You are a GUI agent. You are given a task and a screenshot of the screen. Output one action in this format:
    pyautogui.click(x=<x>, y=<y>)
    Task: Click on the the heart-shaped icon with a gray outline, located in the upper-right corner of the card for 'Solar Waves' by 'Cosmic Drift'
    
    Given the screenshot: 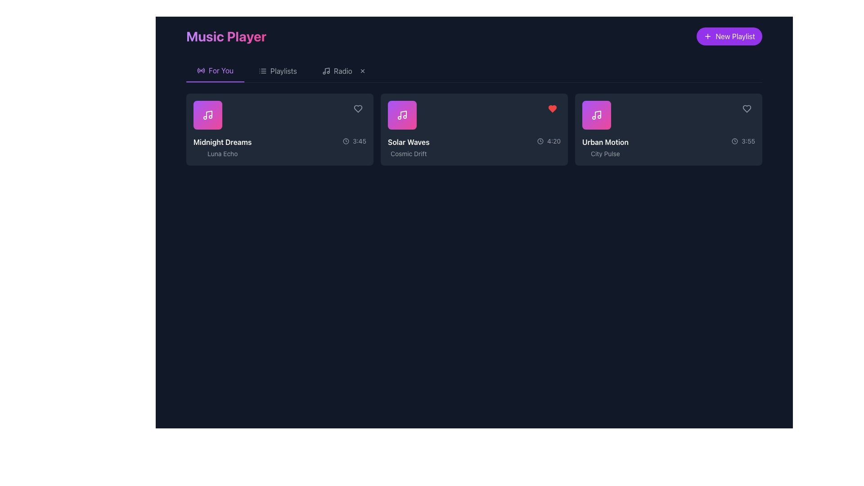 What is the action you would take?
    pyautogui.click(x=358, y=108)
    